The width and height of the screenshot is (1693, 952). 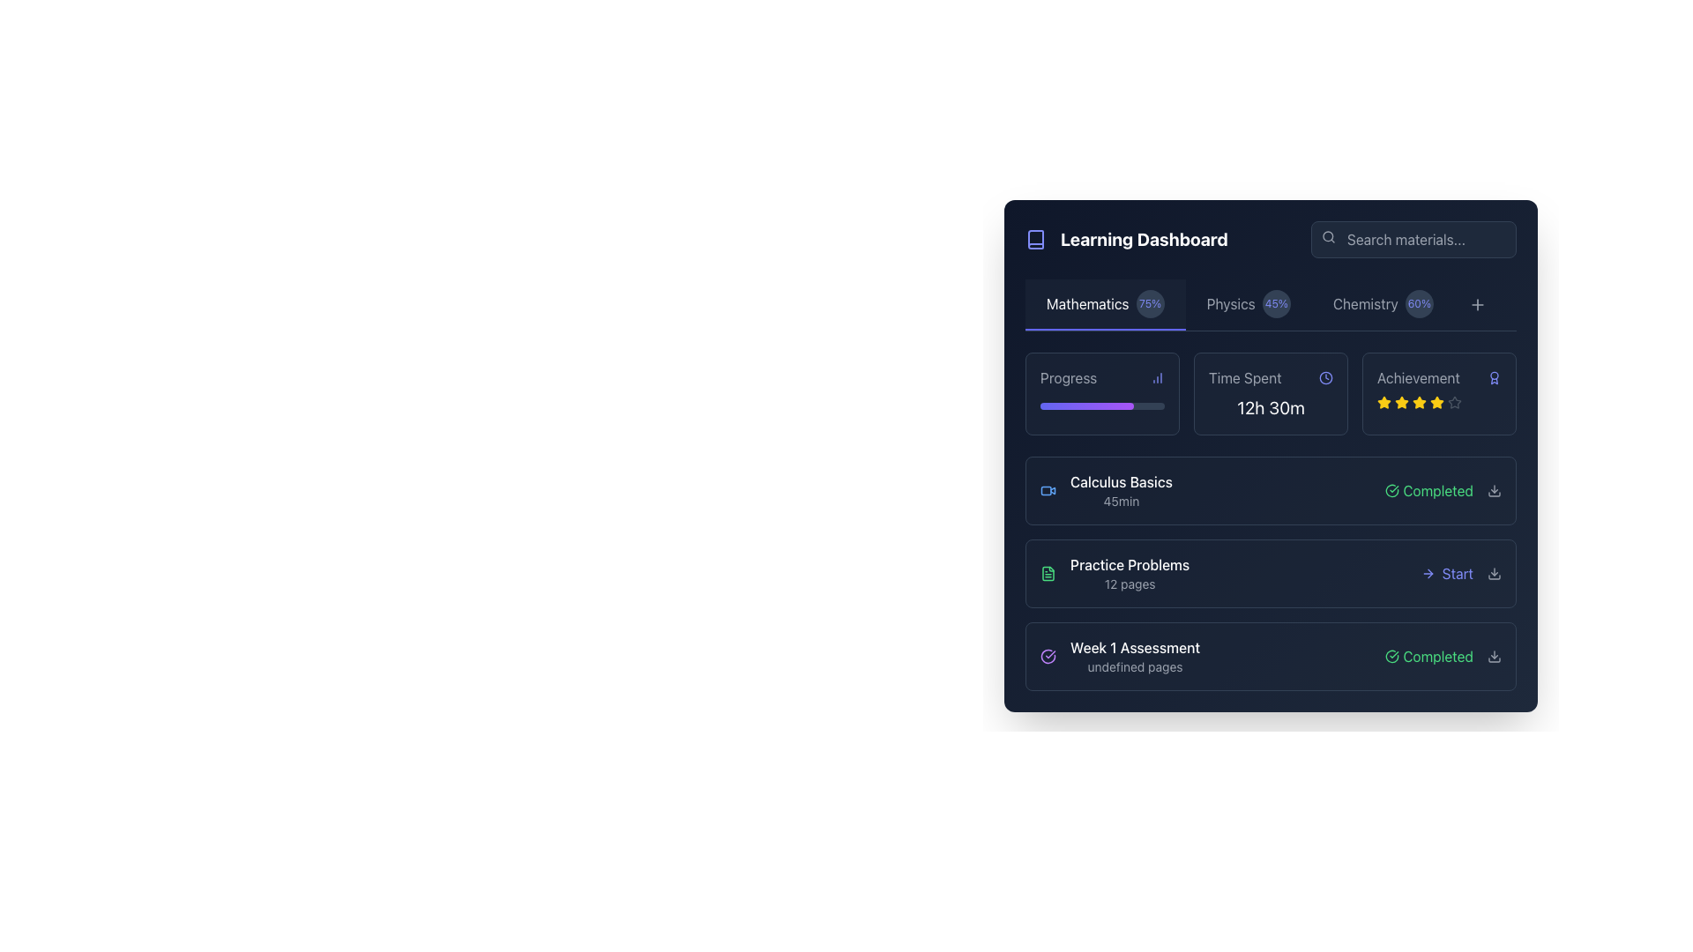 What do you see at coordinates (1430, 574) in the screenshot?
I see `the arrowhead component of the rightward arrow icon located in the bottom-right section of the interface` at bounding box center [1430, 574].